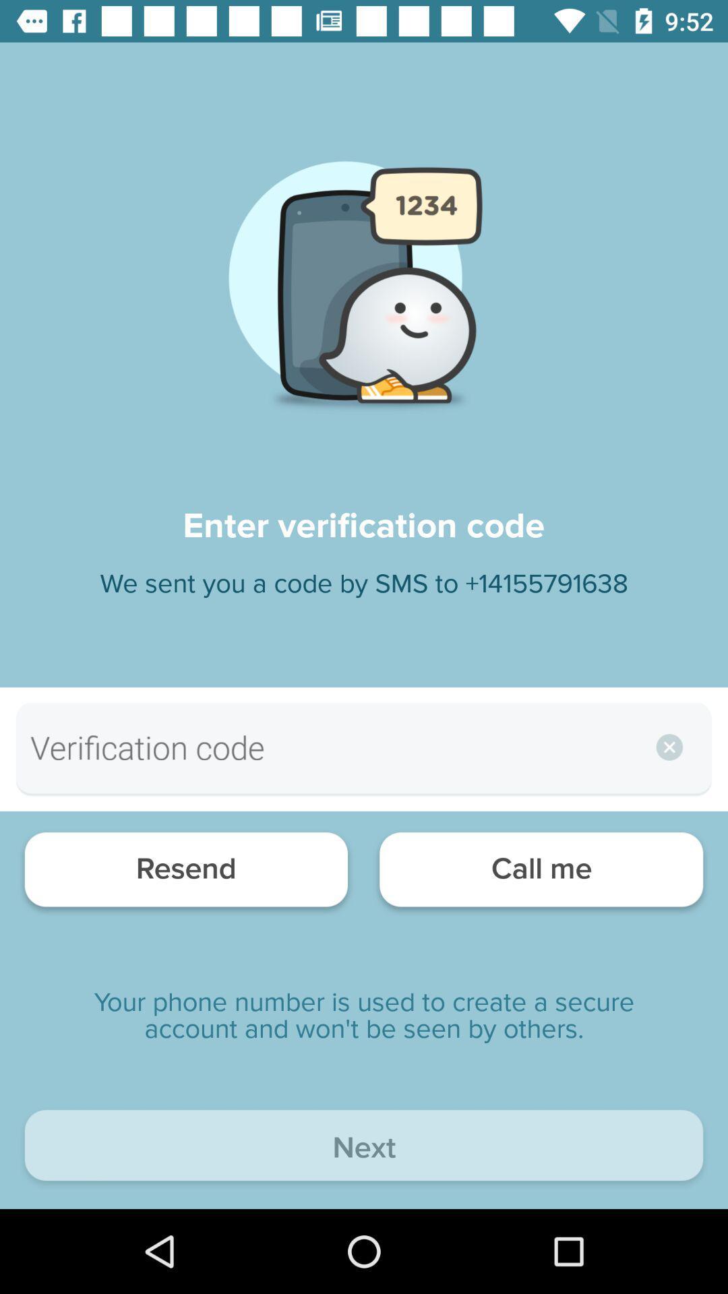 This screenshot has height=1294, width=728. I want to click on item next to the call me, so click(186, 873).